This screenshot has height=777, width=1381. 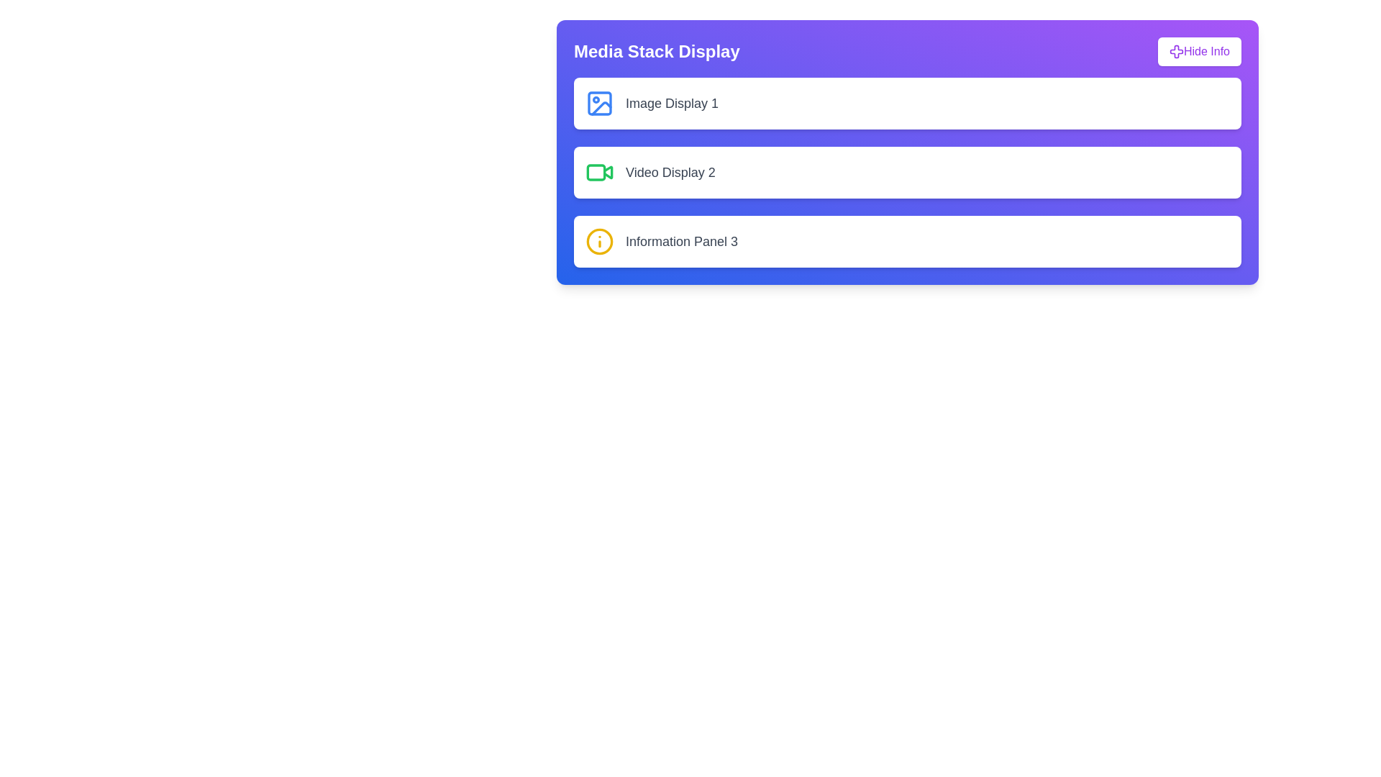 What do you see at coordinates (600, 240) in the screenshot?
I see `the yellow outlined circle inside the information icon of 'Information Panel 3', which is located on the leftmost side of the third entry in the vertical stack under 'Media Stack Display'` at bounding box center [600, 240].